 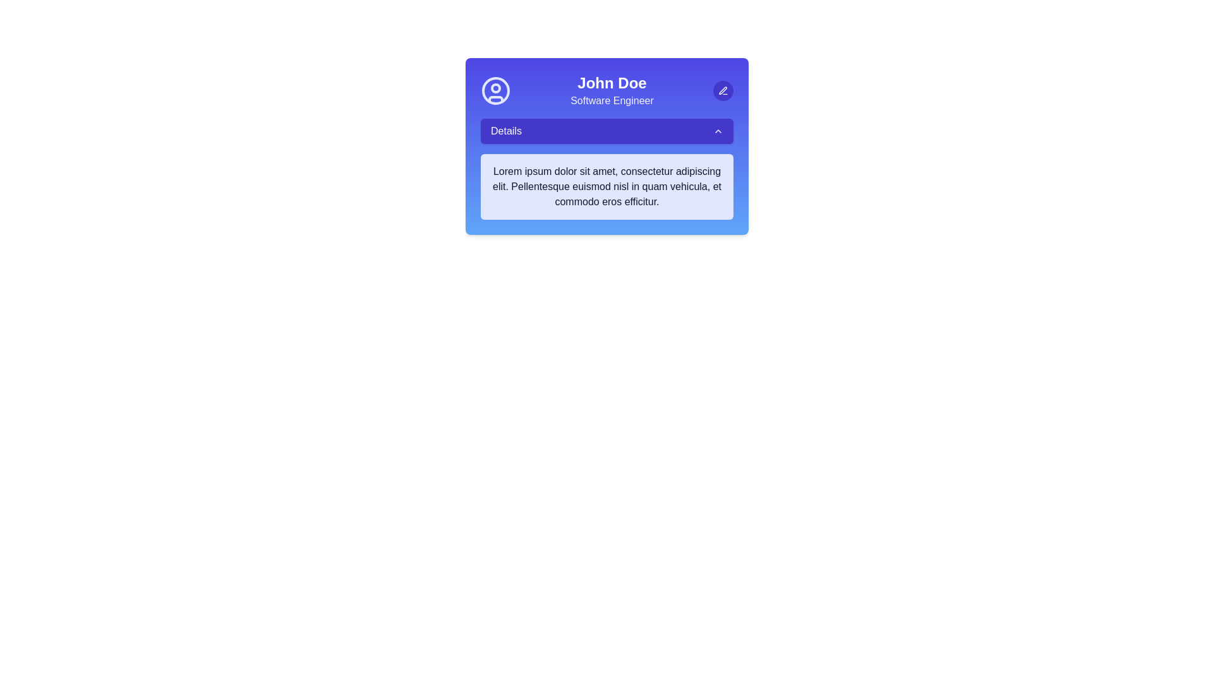 I want to click on the decorative circle element that acts as a boundary for the user profile icon located in the top-left corner of the card header, so click(x=495, y=90).